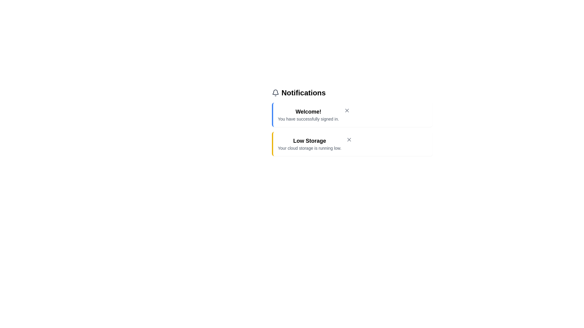 This screenshot has height=328, width=584. Describe the element at coordinates (349, 139) in the screenshot. I see `the dismiss button located at the top-right corner of the 'Low Storage' notification card` at that location.